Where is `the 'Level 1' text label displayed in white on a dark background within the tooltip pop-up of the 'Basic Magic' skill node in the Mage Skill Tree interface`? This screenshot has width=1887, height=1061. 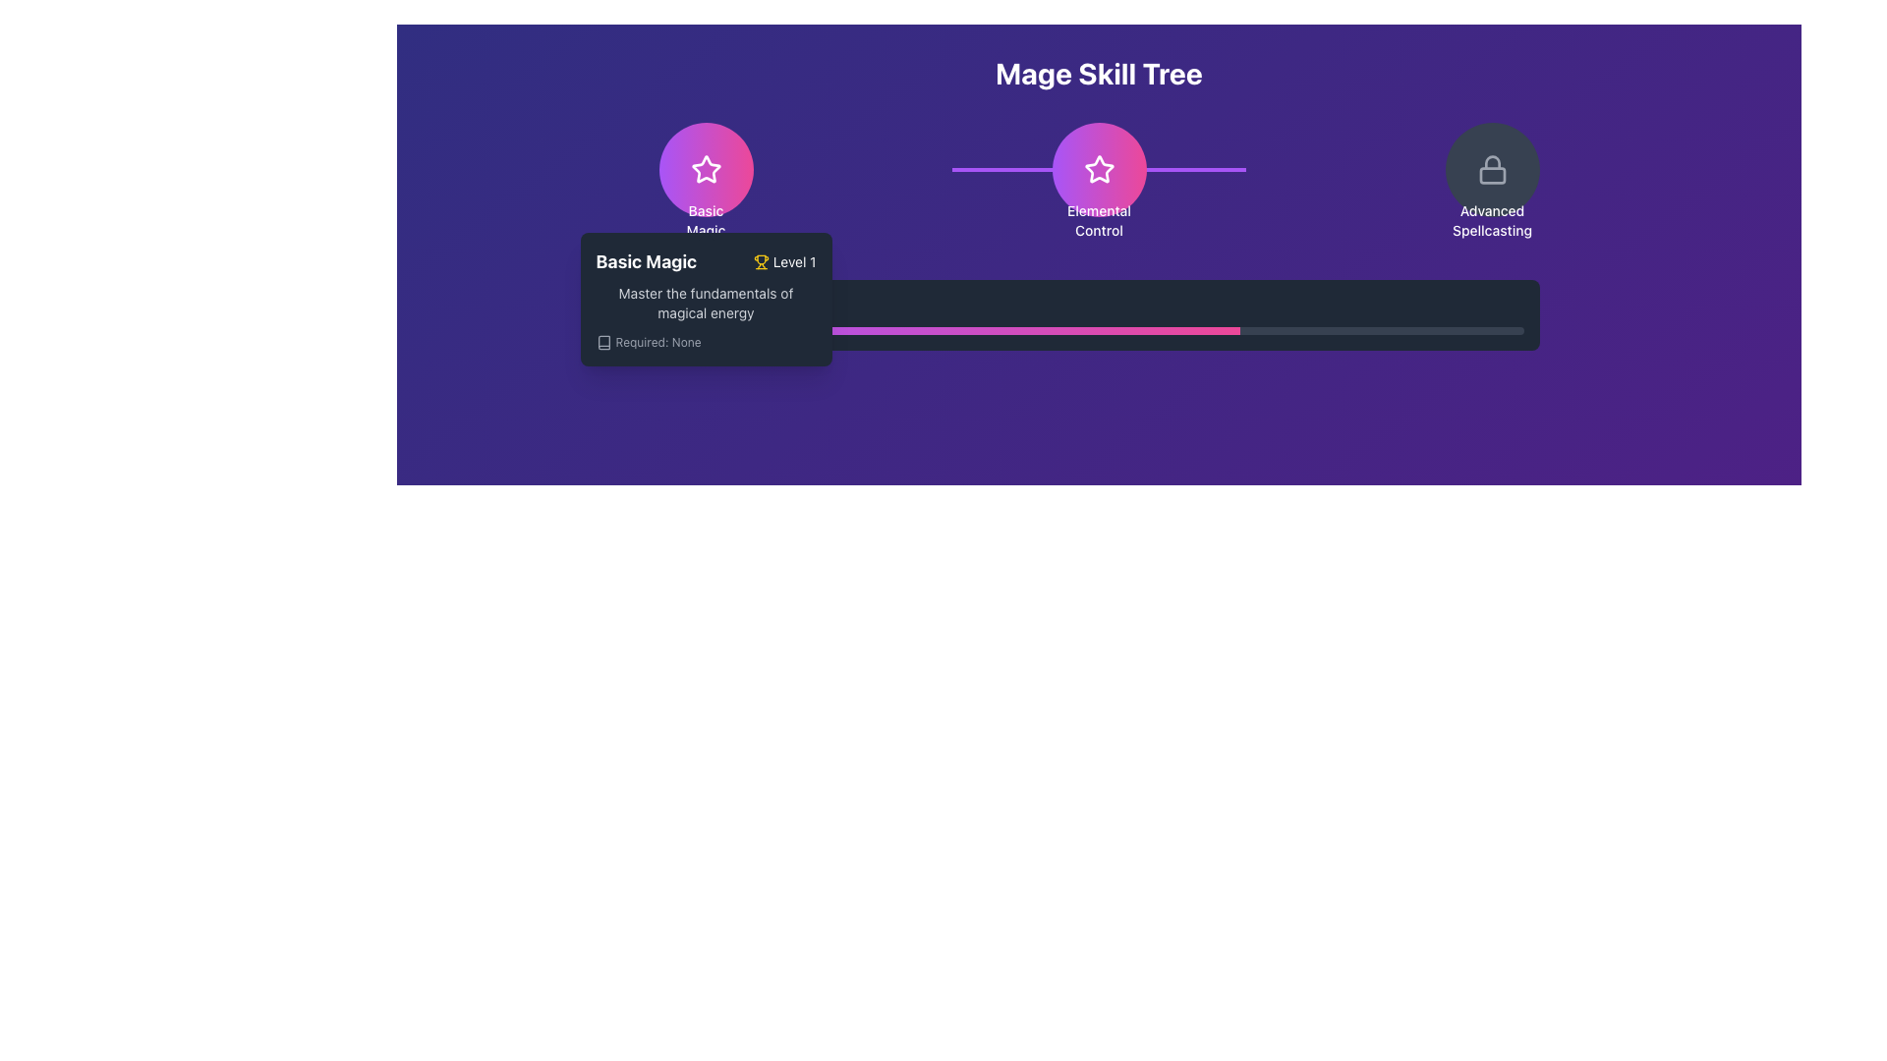
the 'Level 1' text label displayed in white on a dark background within the tooltip pop-up of the 'Basic Magic' skill node in the Mage Skill Tree interface is located at coordinates (794, 260).